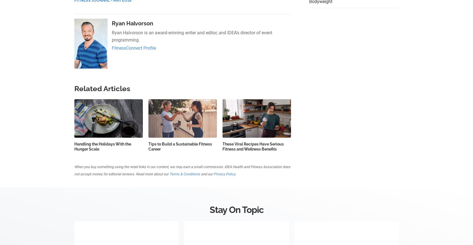  Describe the element at coordinates (185, 174) in the screenshot. I see `'Terms & Conditions'` at that location.